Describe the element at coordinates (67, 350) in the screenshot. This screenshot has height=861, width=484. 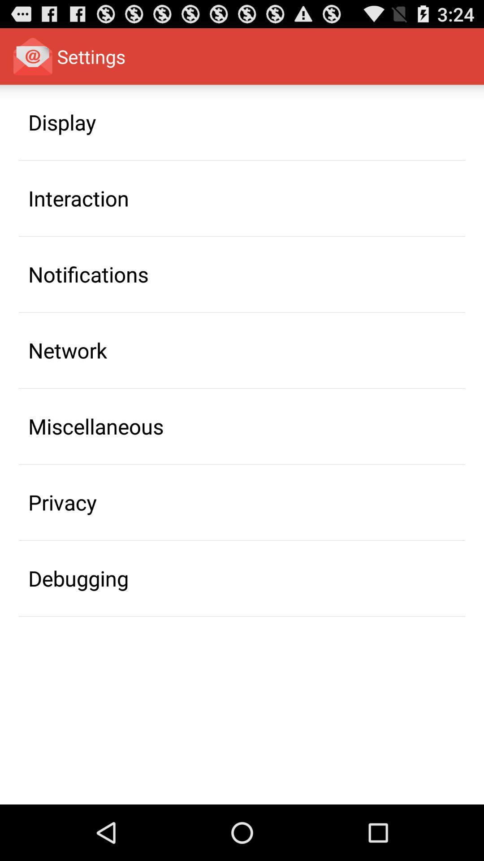
I see `the item above miscellaneous app` at that location.